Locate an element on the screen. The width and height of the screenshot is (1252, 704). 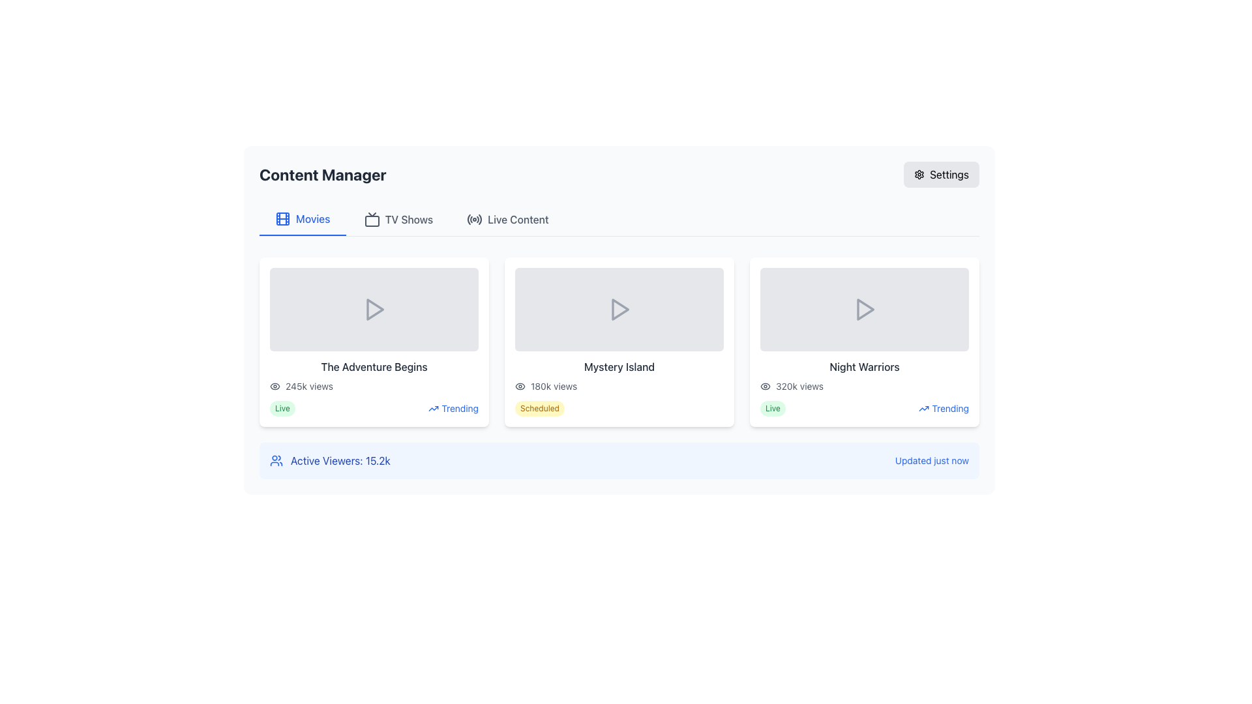
the navigation button for 'TV Shows' located in the middle of the navigation bar is located at coordinates (398, 218).